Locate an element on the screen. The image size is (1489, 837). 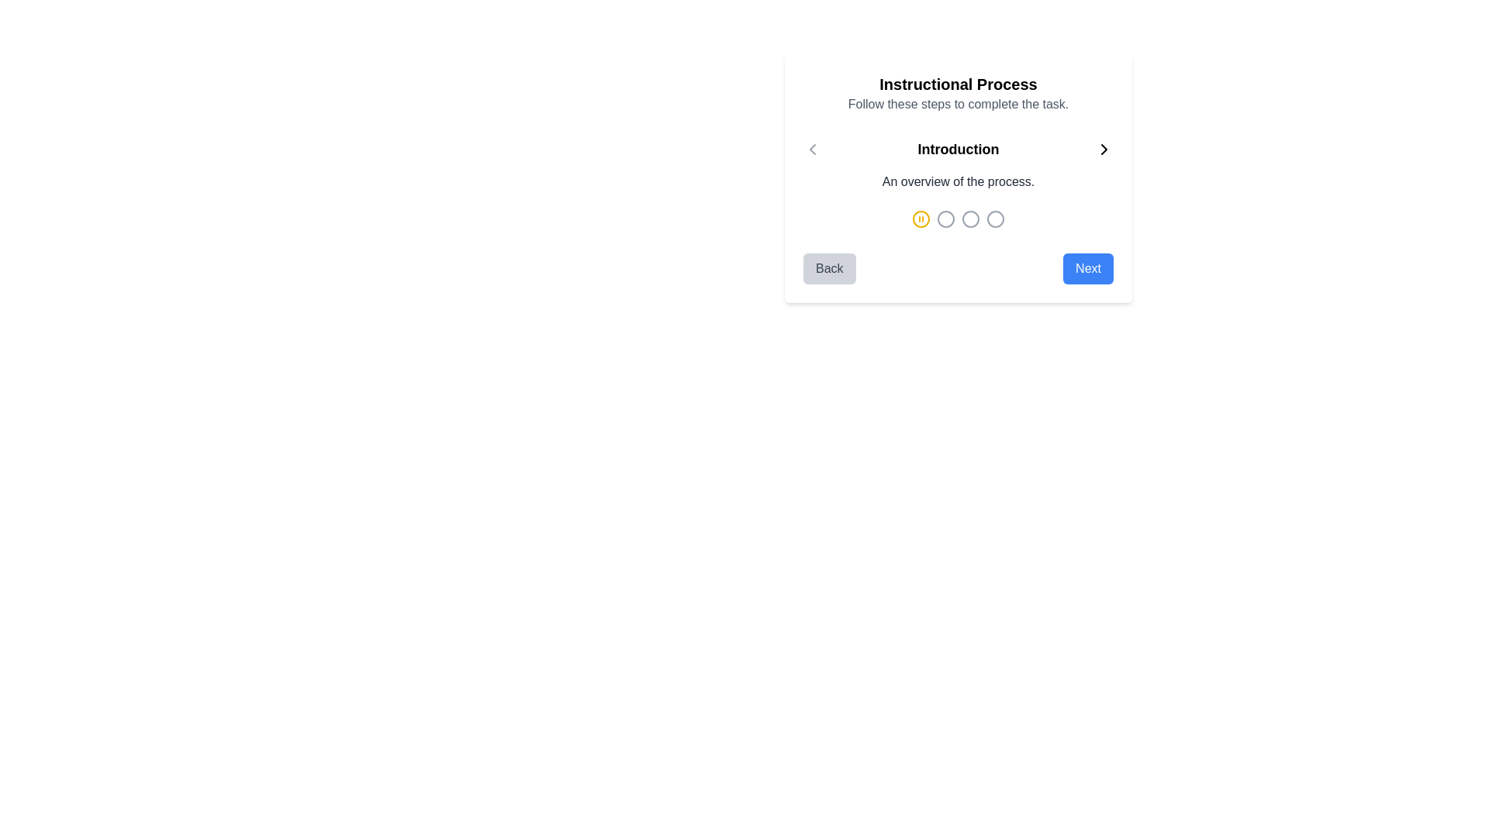
the first circular icon in the progress indicator, which serves as a visual indicator for the current step in the navigation process is located at coordinates (921, 219).